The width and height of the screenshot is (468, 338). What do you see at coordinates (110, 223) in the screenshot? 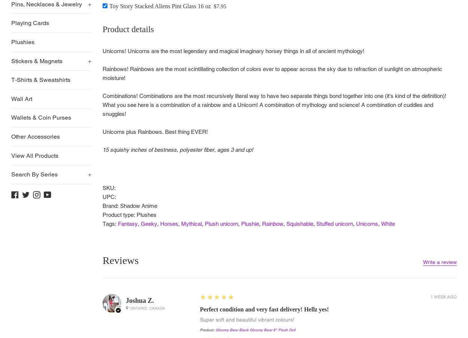
I see `'Tags:'` at bounding box center [110, 223].